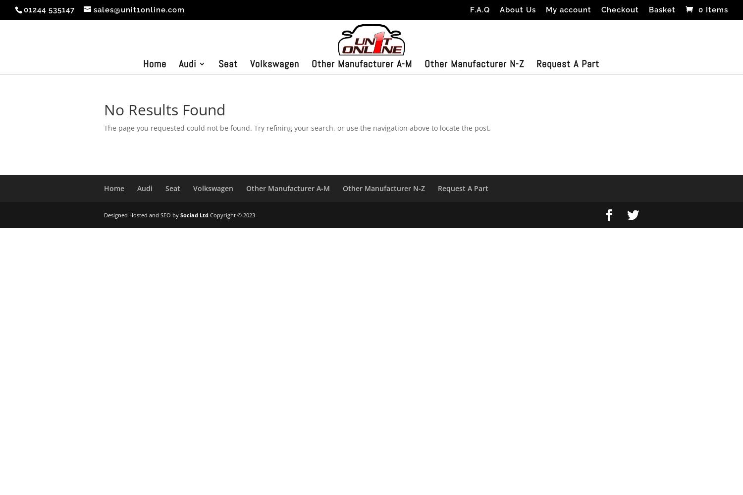 The width and height of the screenshot is (743, 495). I want to click on 'A6', so click(203, 135).